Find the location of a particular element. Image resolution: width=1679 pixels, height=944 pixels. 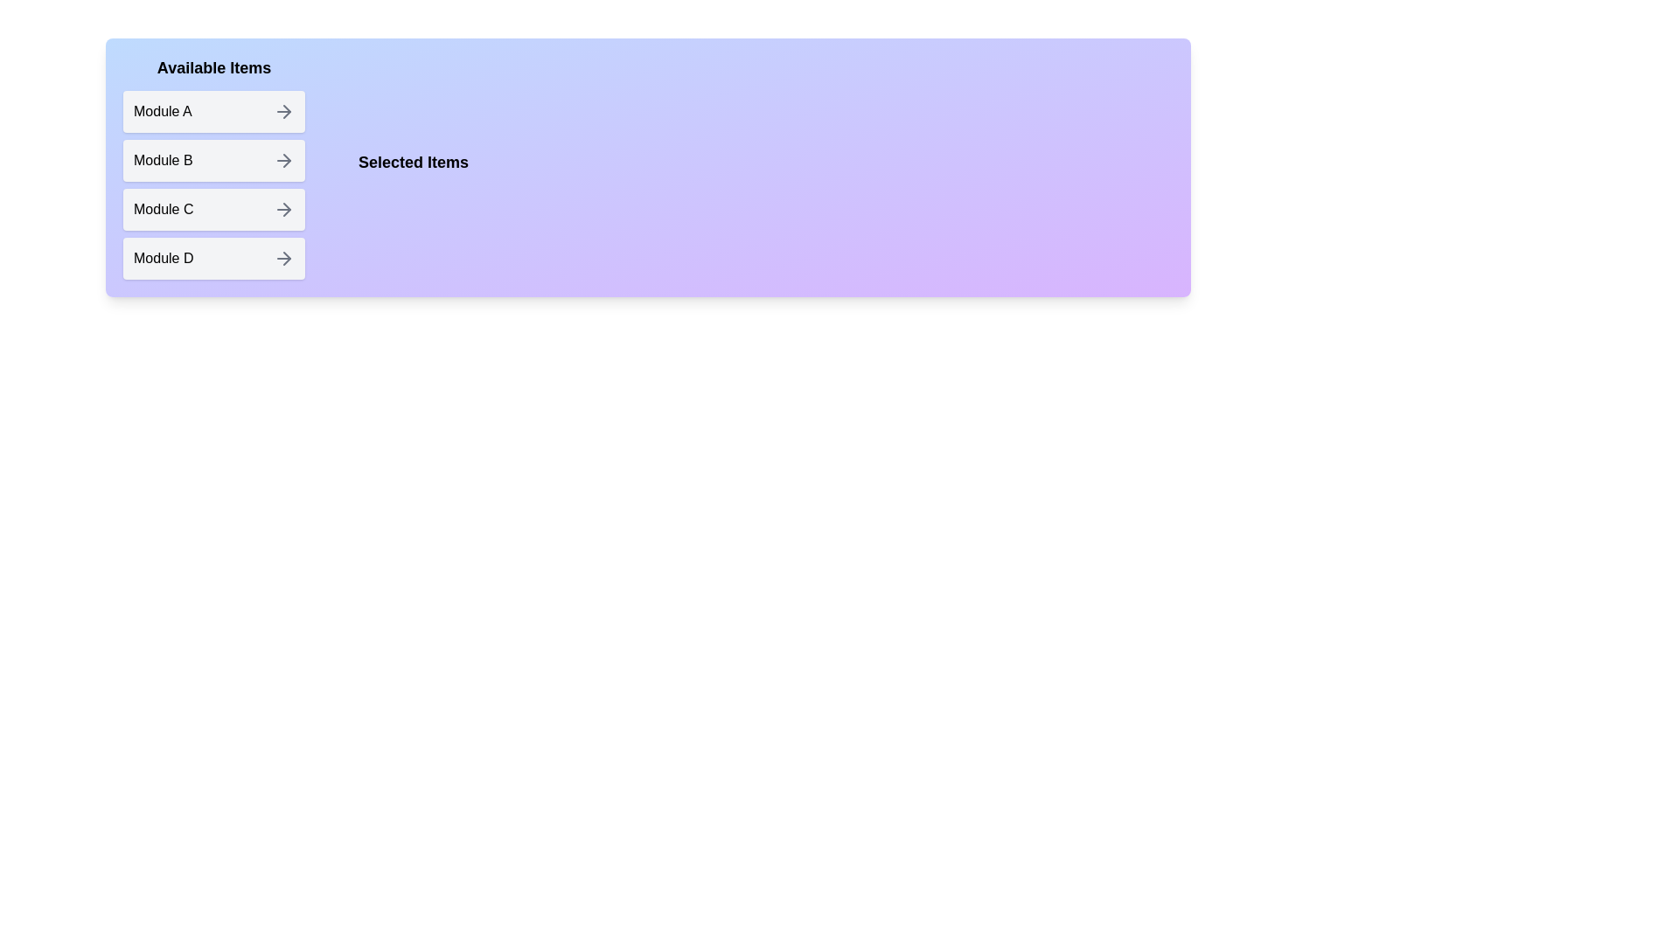

arrow button next to the item Module A in the 'Available Items' list to transfer it to the 'Selected Items' list is located at coordinates (284, 111).